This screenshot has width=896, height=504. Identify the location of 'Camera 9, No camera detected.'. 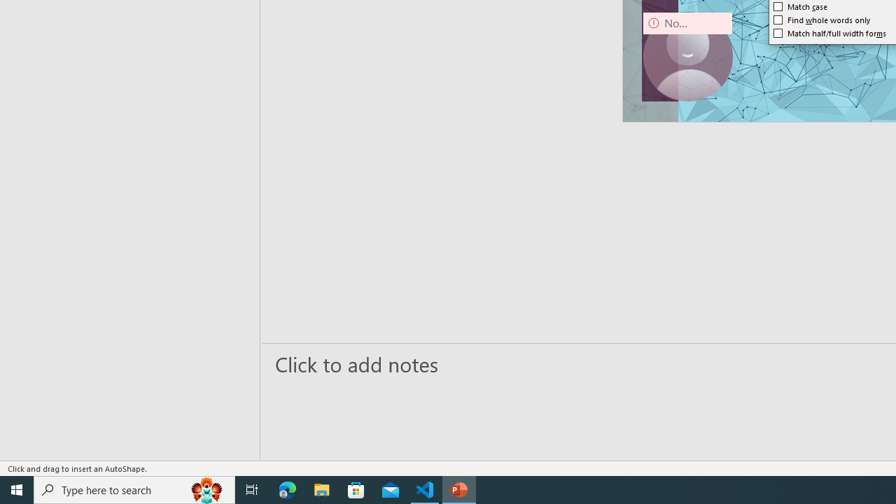
(687, 56).